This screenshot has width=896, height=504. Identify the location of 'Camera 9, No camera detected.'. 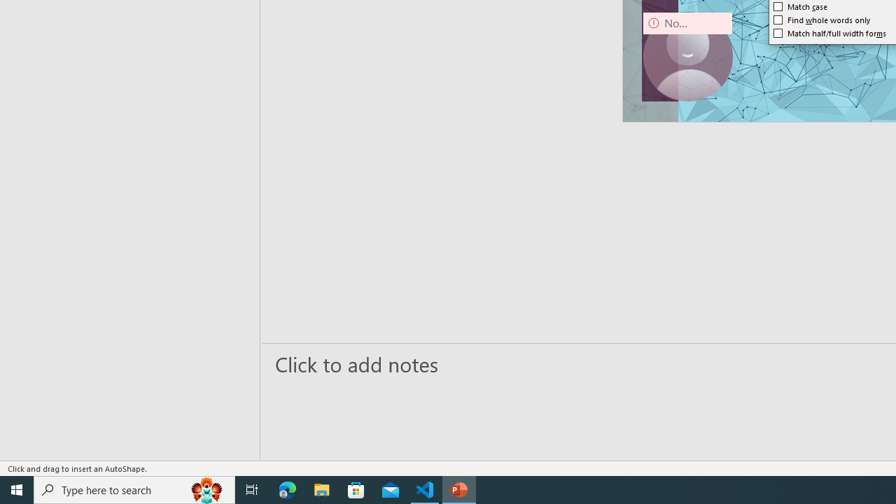
(687, 56).